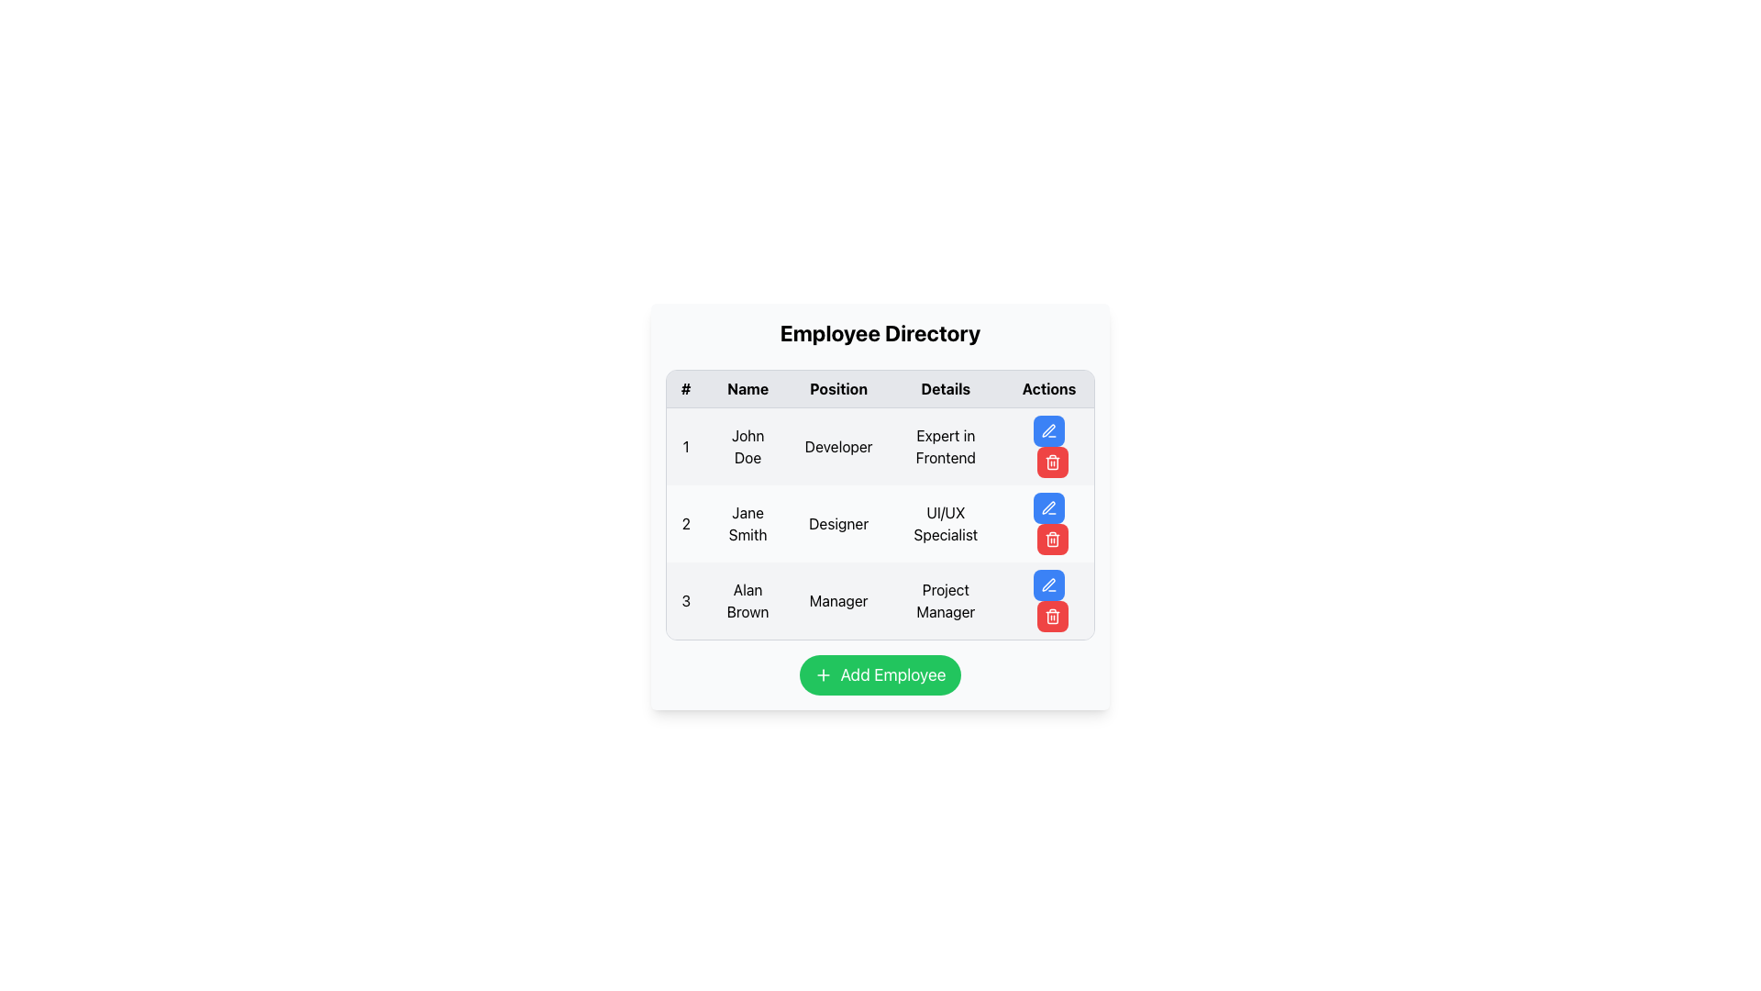 The width and height of the screenshot is (1761, 991). Describe the element at coordinates (946, 601) in the screenshot. I see `the Text Label displaying the professional title or role of the employee located in the third row of the table, specifically in the fourth cell from the left within its row, corresponding to the 'Details' column` at that location.